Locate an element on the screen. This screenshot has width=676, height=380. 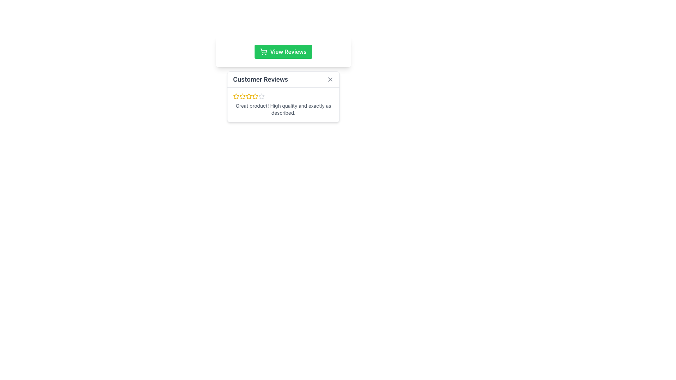
the visual state of the first Rating Star Icon, which is a golden star used for rating purposes located below the 'Customer Reviews' section header is located at coordinates (236, 96).